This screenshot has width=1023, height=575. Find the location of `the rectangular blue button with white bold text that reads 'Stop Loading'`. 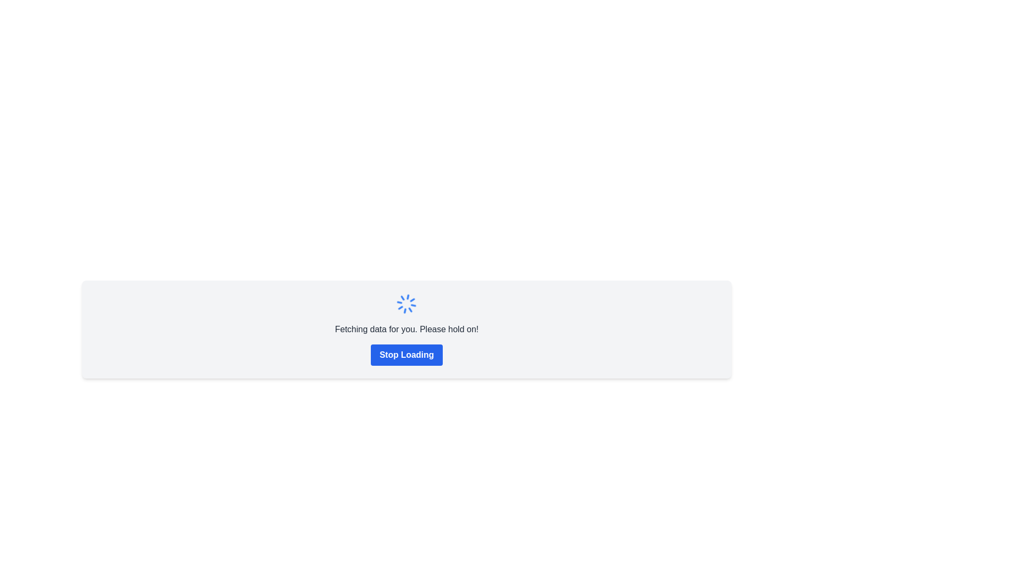

the rectangular blue button with white bold text that reads 'Stop Loading' is located at coordinates (406, 355).